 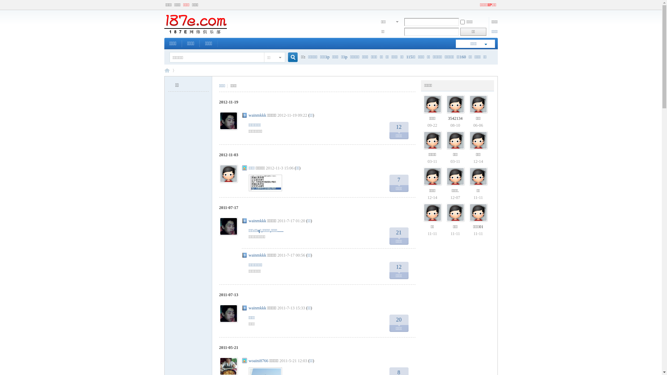 I want to click on '3542134', so click(x=448, y=118).